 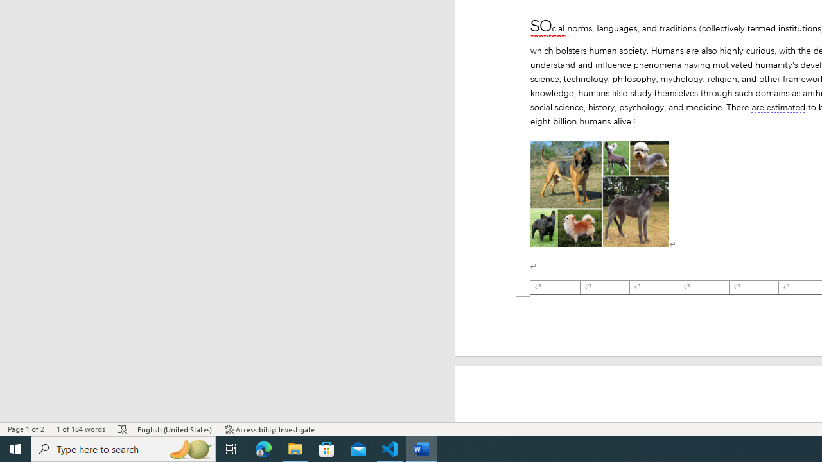 I want to click on 'Language English (United States)', so click(x=175, y=429).